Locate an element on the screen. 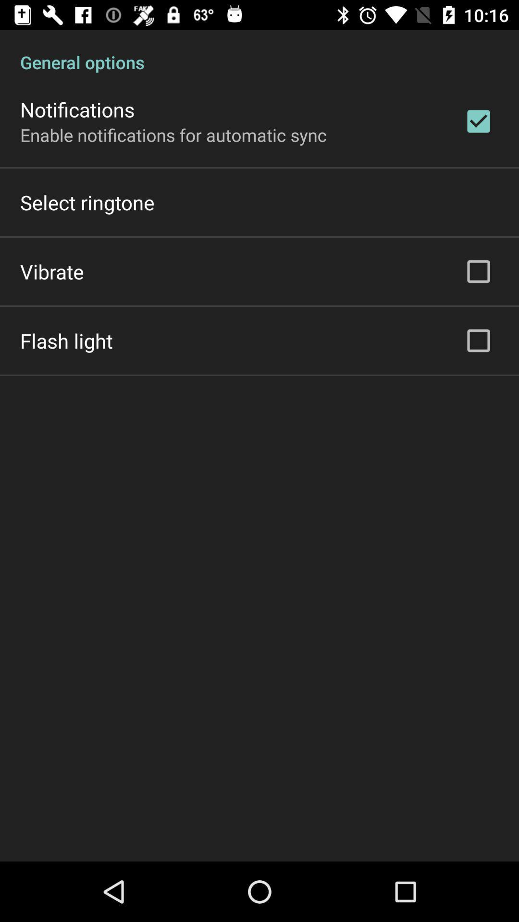 The image size is (519, 922). the item below the enable notifications for item is located at coordinates (87, 202).